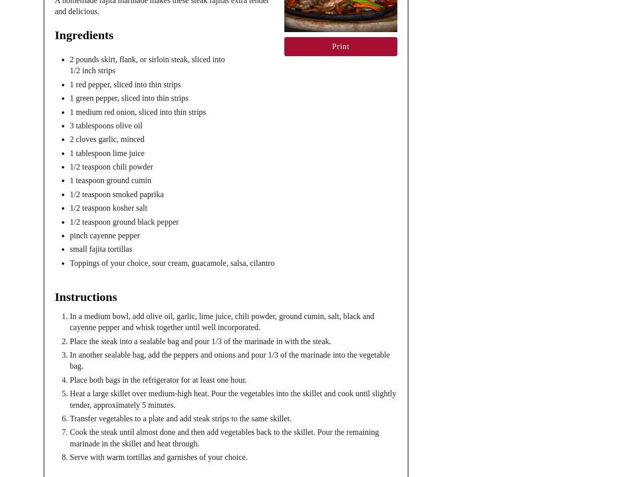  Describe the element at coordinates (104, 235) in the screenshot. I see `'pinch cayenne pepper'` at that location.